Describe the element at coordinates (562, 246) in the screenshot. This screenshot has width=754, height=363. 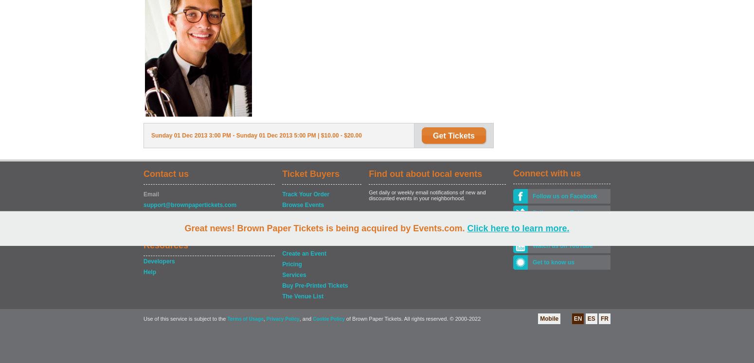
I see `'Watch us on YouTube'` at that location.